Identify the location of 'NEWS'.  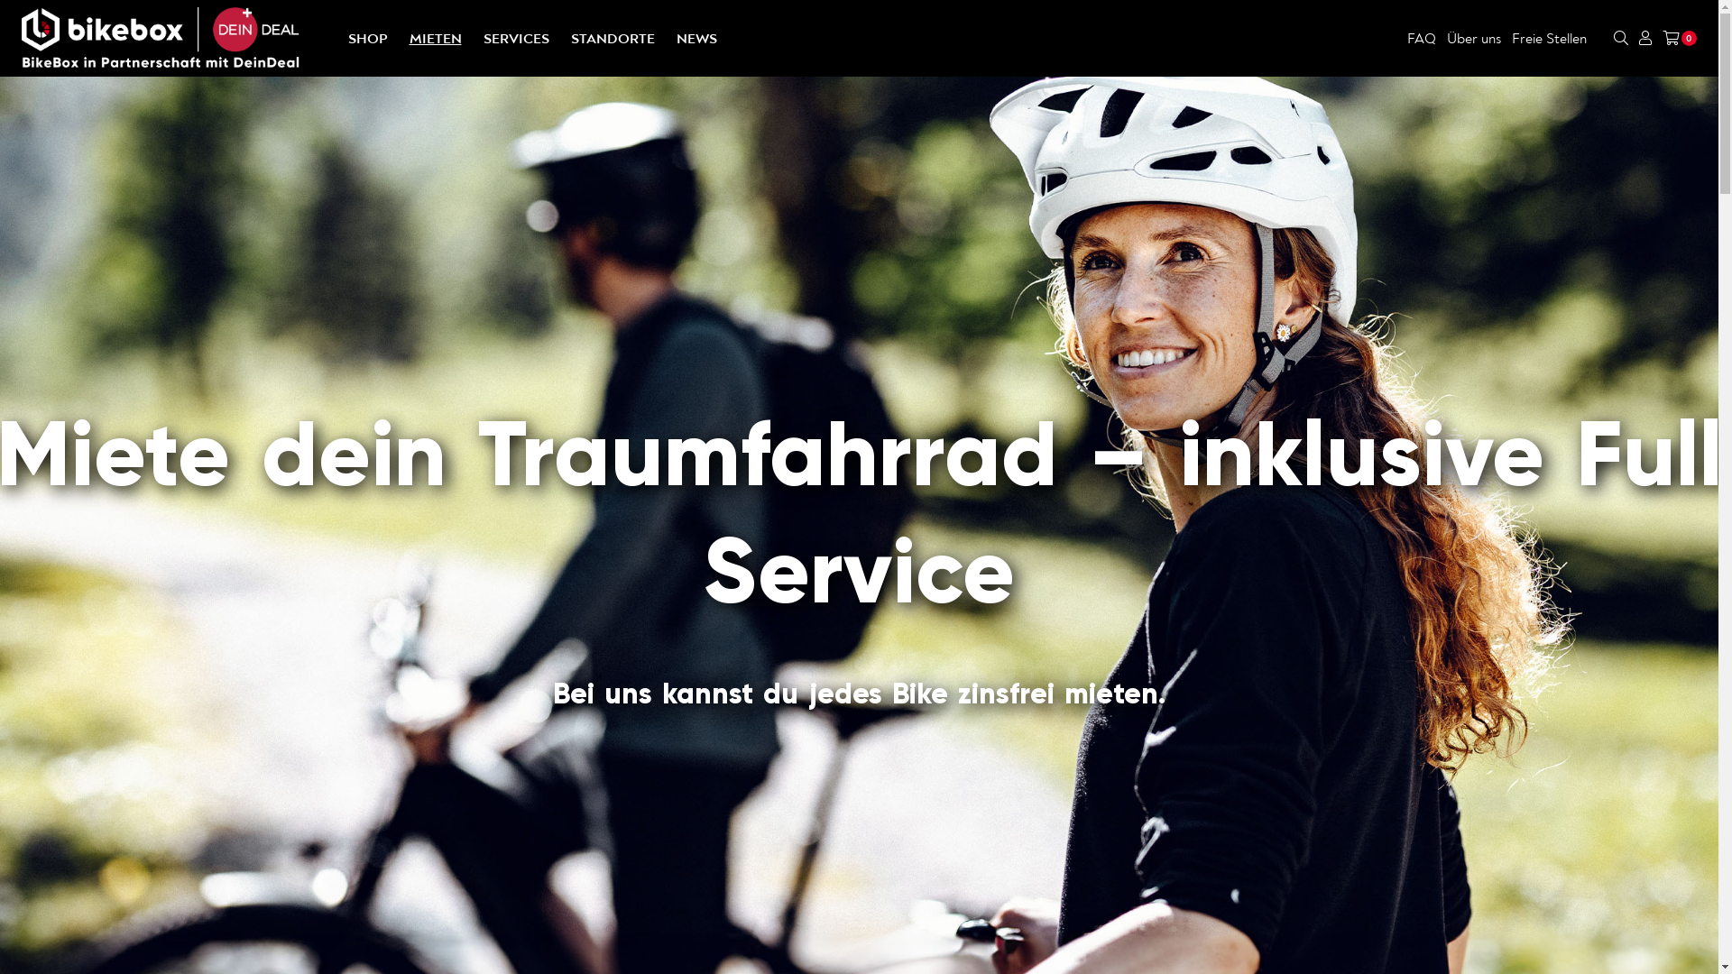
(696, 38).